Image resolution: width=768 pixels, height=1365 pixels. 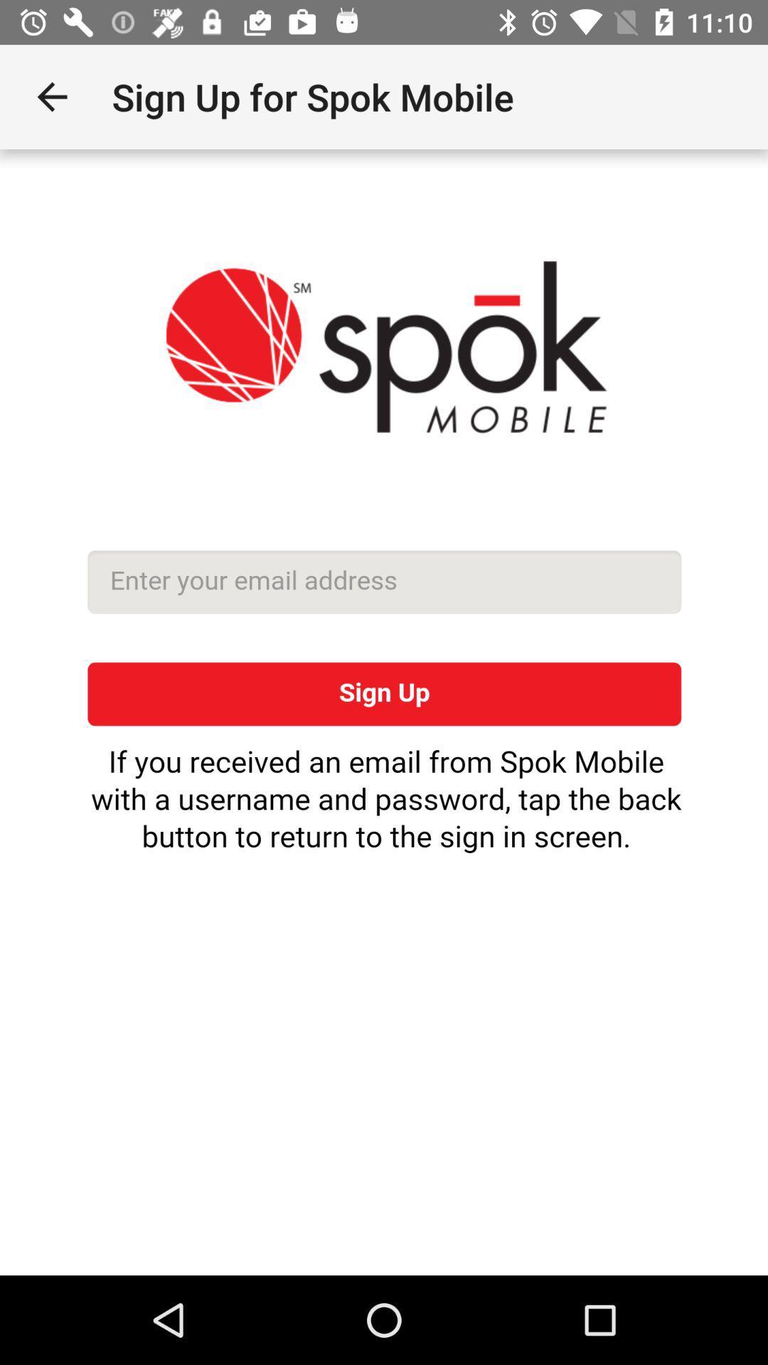 I want to click on sigh up the page, so click(x=384, y=712).